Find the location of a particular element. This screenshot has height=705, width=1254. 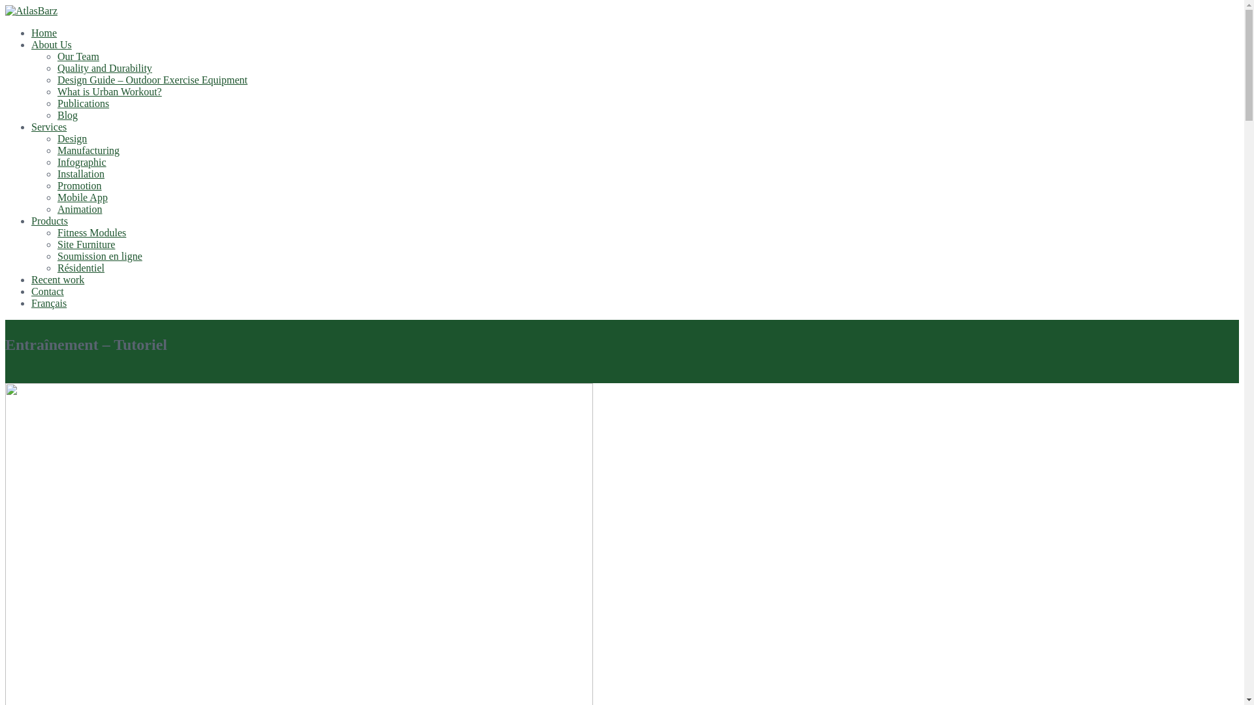

'Manufacturing' is located at coordinates (56, 149).